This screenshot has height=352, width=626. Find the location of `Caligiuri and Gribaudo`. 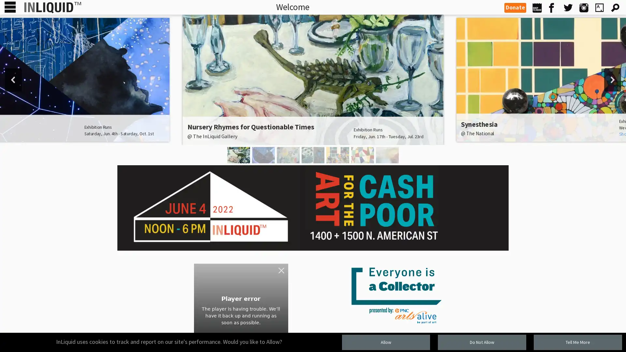

Caligiuri and Gribaudo is located at coordinates (362, 155).